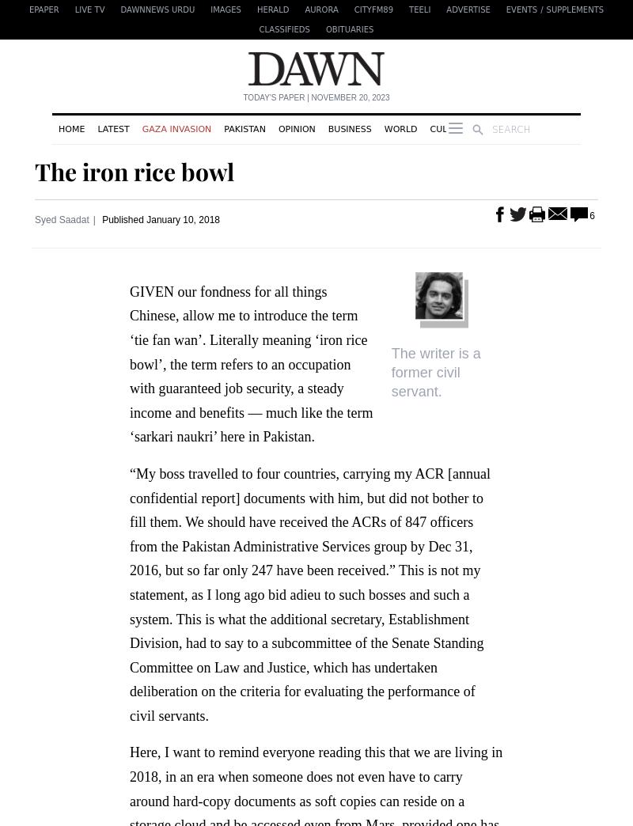 The height and width of the screenshot is (826, 633). I want to click on 'Magazines', so click(562, 127).